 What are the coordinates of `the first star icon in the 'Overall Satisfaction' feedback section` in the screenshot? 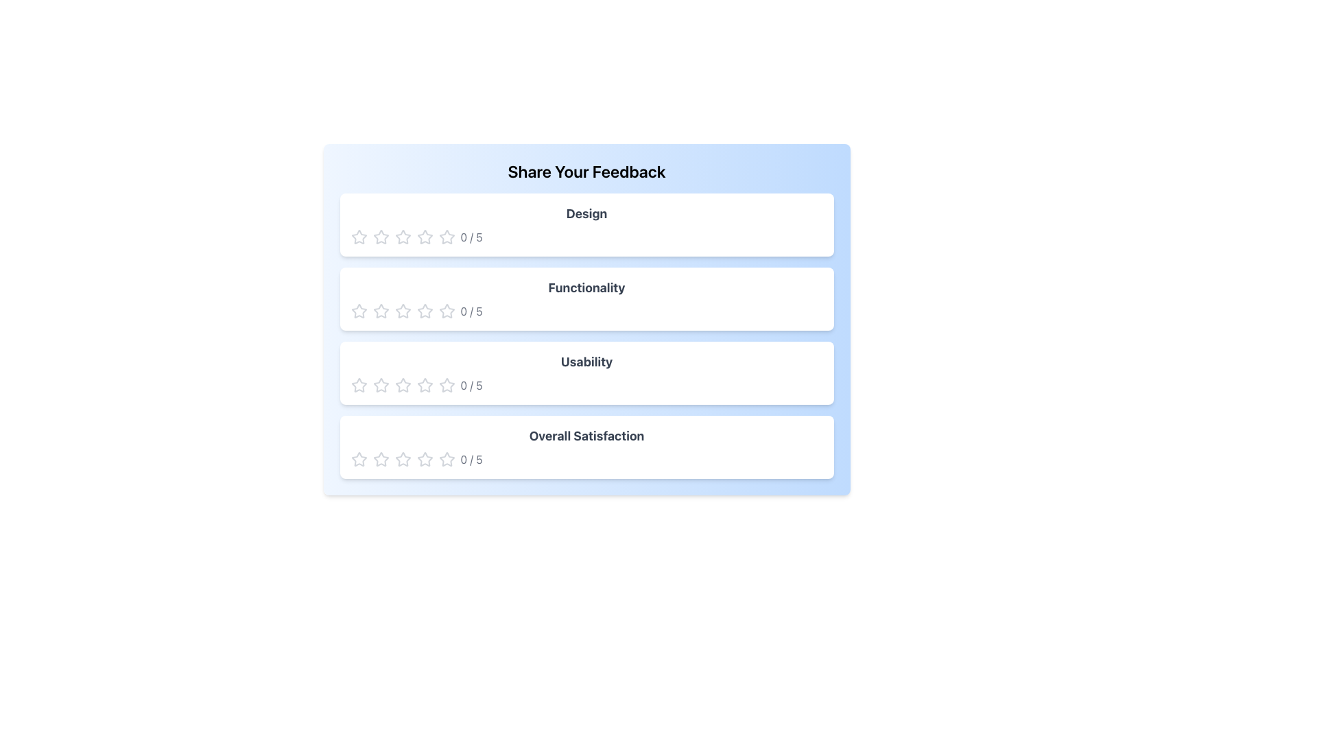 It's located at (359, 460).